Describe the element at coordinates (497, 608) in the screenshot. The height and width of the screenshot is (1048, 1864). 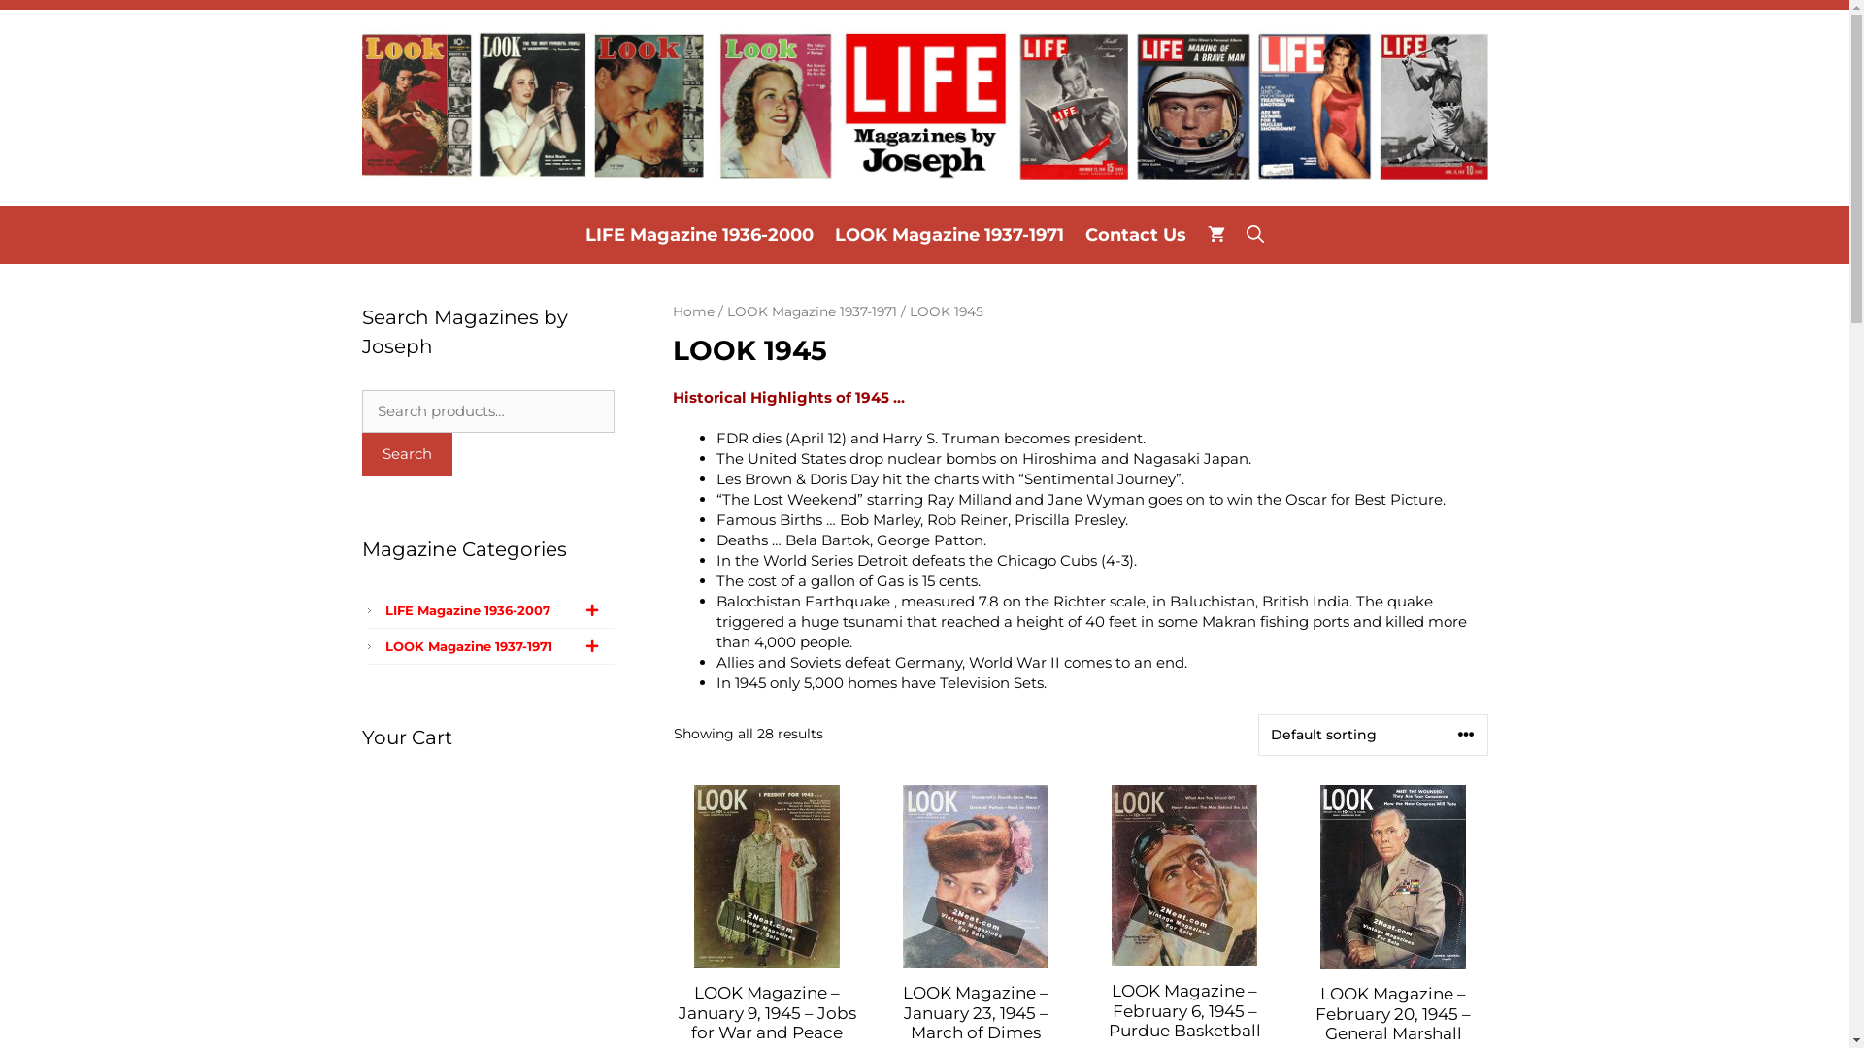
I see `'LIFE Magazine 1936-2007'` at that location.